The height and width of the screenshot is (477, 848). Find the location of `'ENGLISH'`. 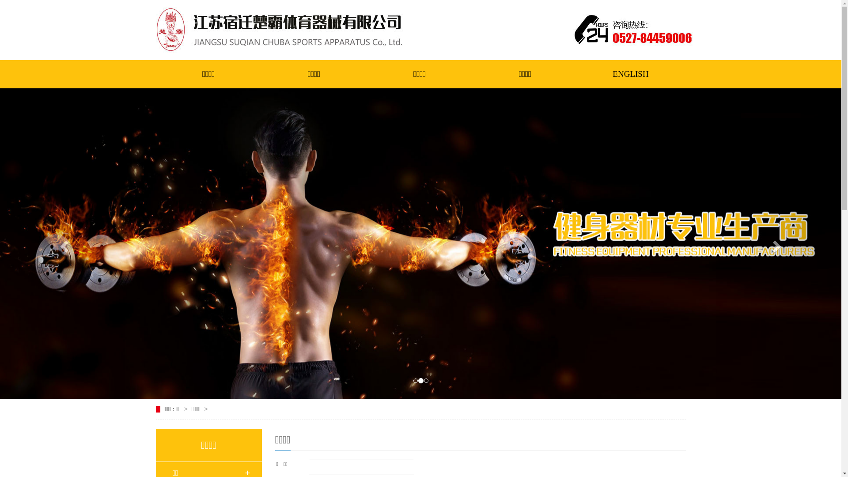

'ENGLISH' is located at coordinates (630, 74).